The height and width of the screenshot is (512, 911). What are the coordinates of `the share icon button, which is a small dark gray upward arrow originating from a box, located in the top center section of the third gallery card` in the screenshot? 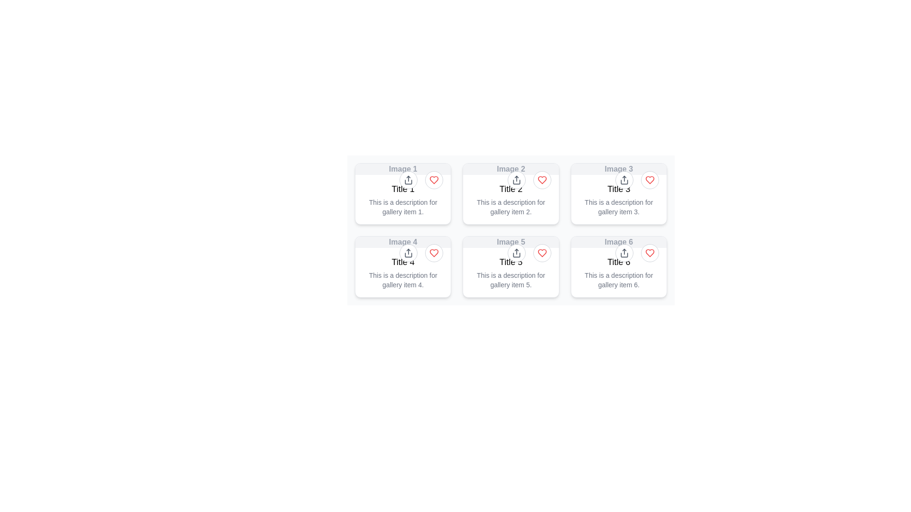 It's located at (624, 180).